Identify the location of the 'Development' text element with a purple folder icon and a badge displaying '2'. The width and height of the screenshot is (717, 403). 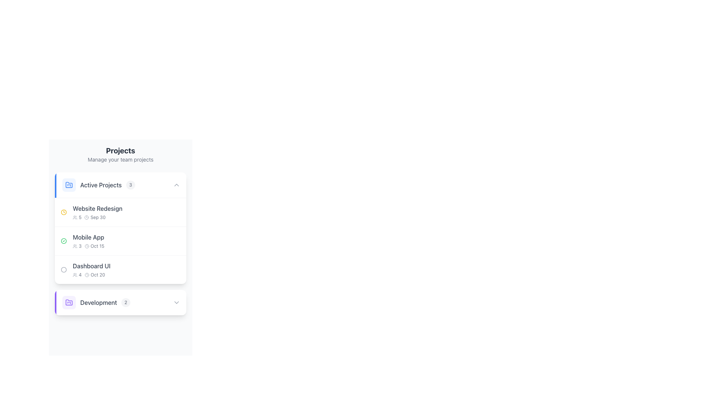
(96, 302).